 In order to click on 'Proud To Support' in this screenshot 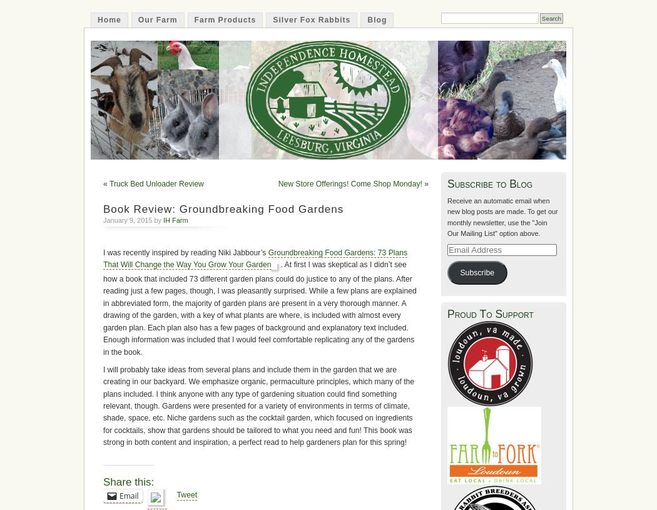, I will do `click(447, 313)`.